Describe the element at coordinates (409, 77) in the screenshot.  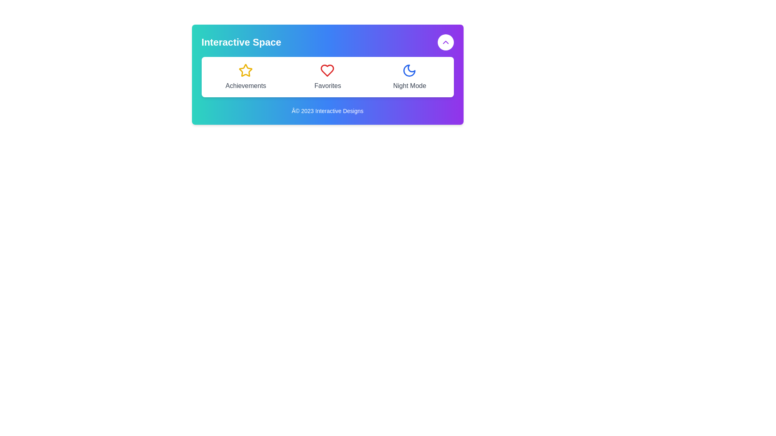
I see `the 'Night Mode' button, which is the third button in a horizontal row of three` at that location.